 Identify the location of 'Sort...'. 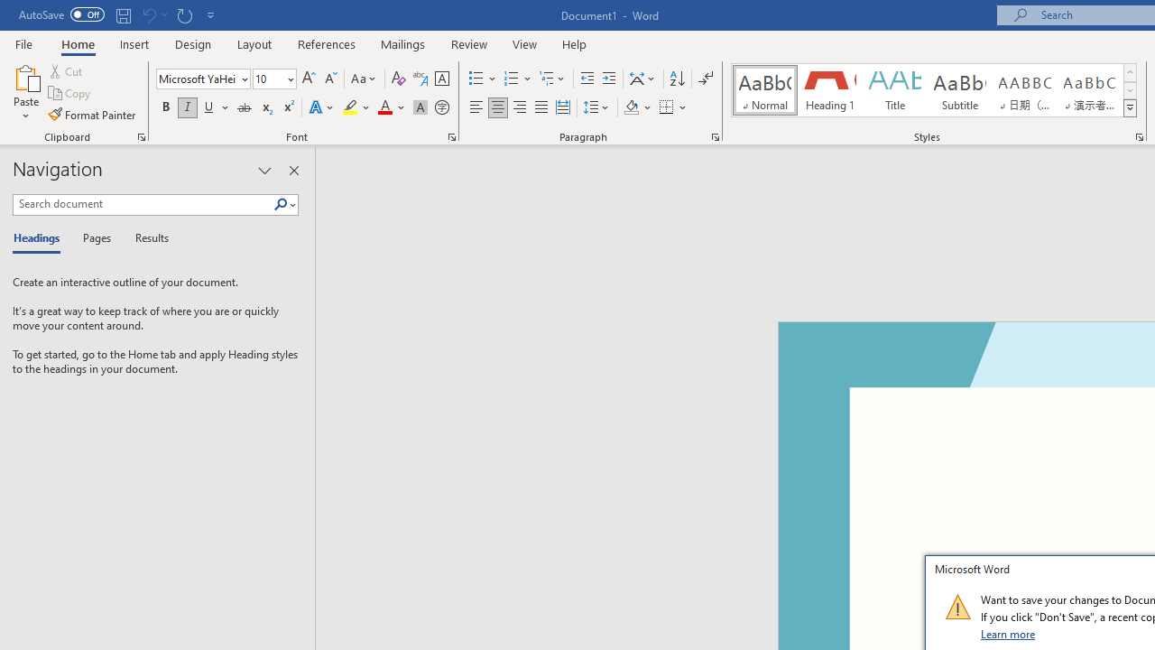
(676, 78).